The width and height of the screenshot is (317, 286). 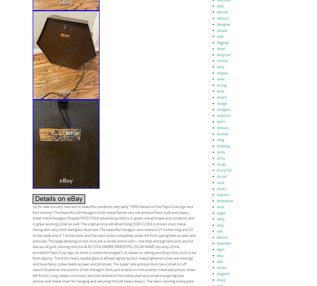 What do you see at coordinates (224, 170) in the screenshot?
I see `'dscn2192'` at bounding box center [224, 170].